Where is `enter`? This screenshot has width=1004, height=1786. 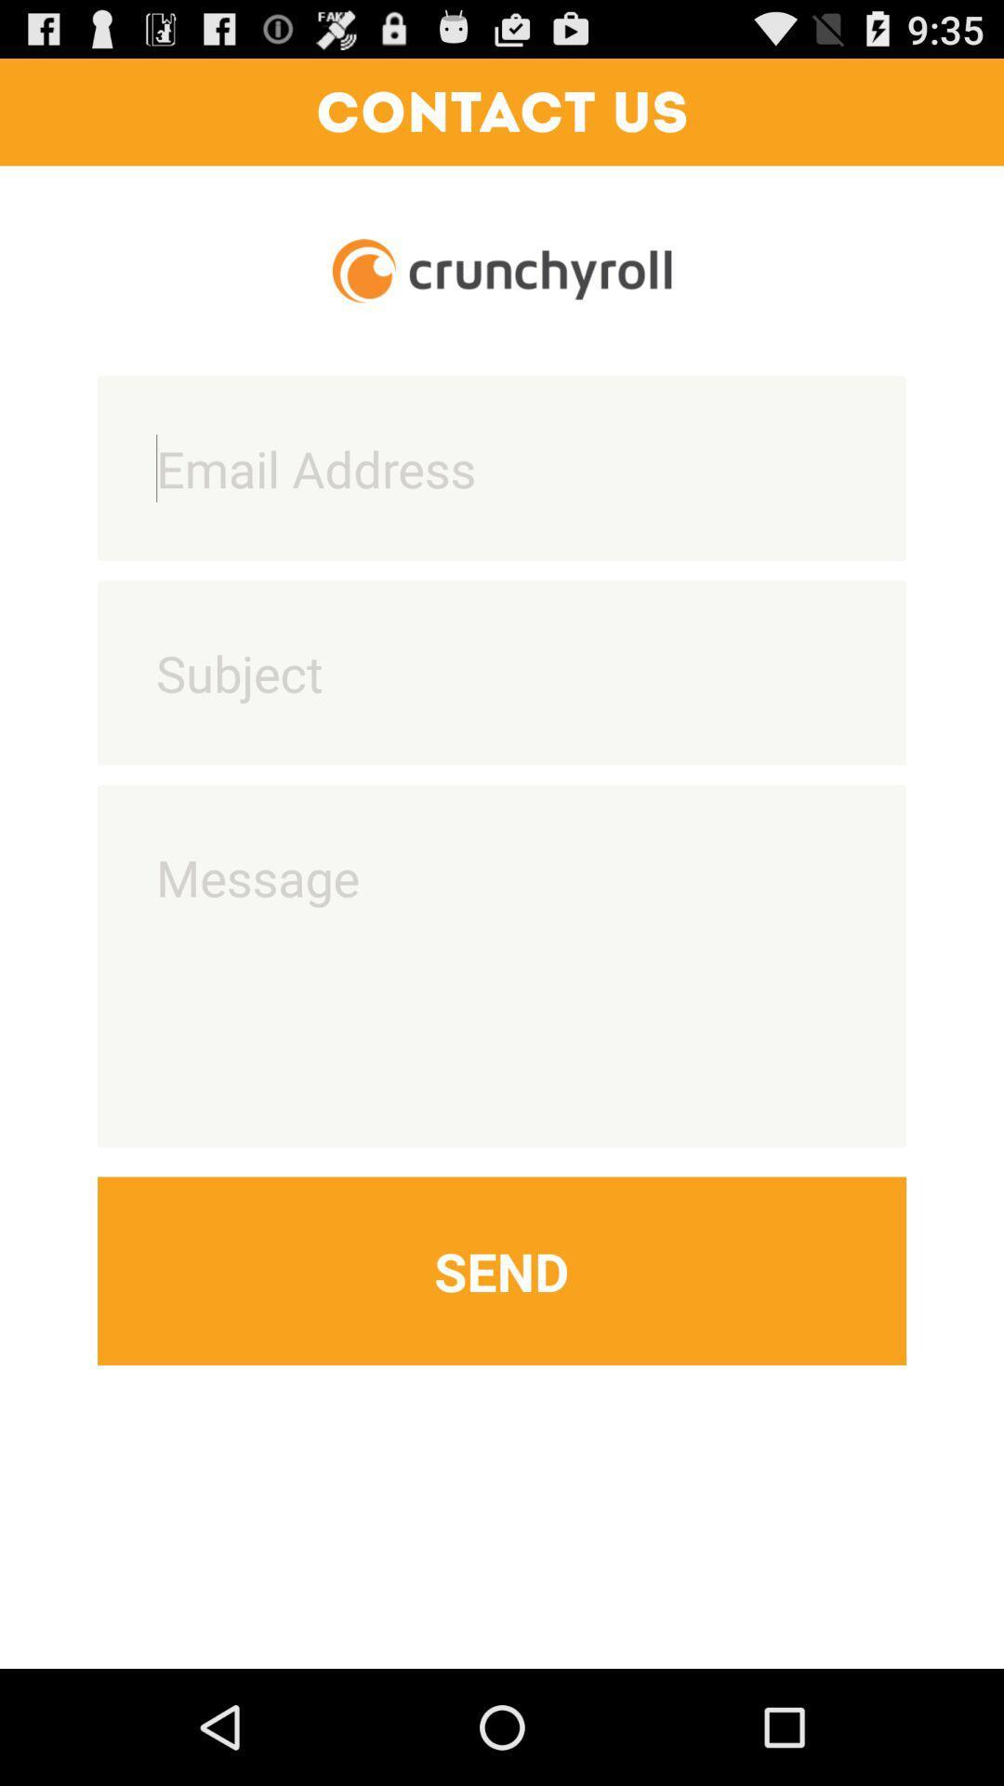 enter is located at coordinates (502, 672).